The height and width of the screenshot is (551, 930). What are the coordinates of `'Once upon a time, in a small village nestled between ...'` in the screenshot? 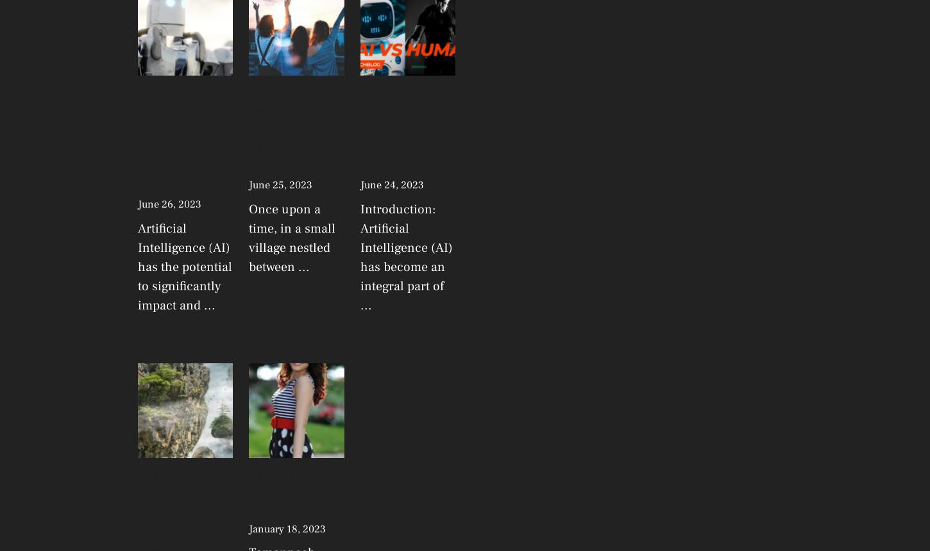 It's located at (291, 238).